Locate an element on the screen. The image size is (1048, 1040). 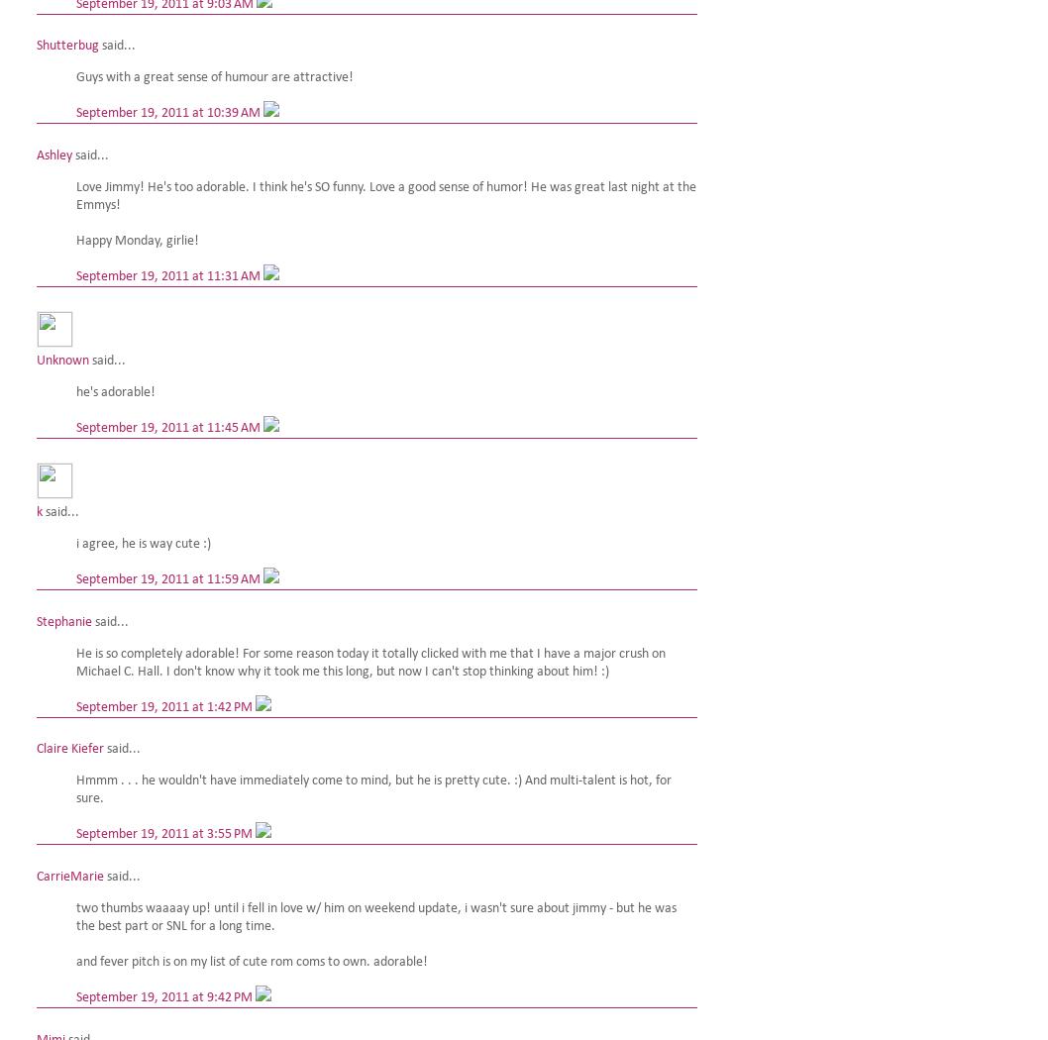
'September 19, 2011 at 1:42 PM' is located at coordinates (164, 705).